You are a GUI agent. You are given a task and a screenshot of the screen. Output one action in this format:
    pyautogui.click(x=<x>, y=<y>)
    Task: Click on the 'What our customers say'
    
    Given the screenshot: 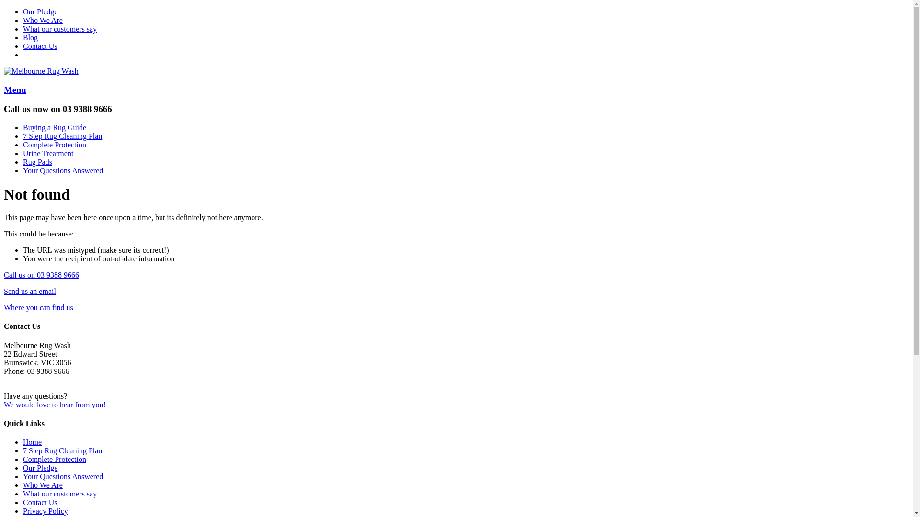 What is the action you would take?
    pyautogui.click(x=59, y=28)
    